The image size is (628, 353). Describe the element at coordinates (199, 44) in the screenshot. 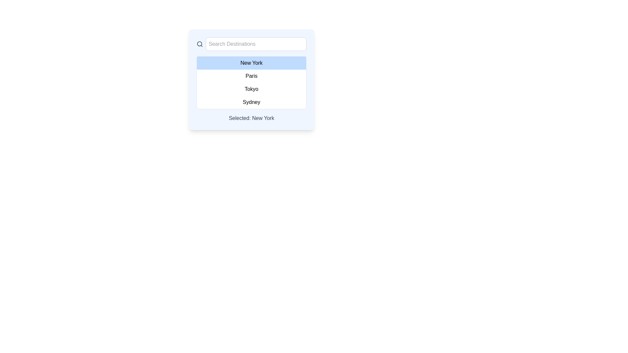

I see `the filled circle element within the SVG icon resembling a magnifying glass, which is part of the searchable dropdown component adjacent to the 'Search Destinations' input field` at that location.